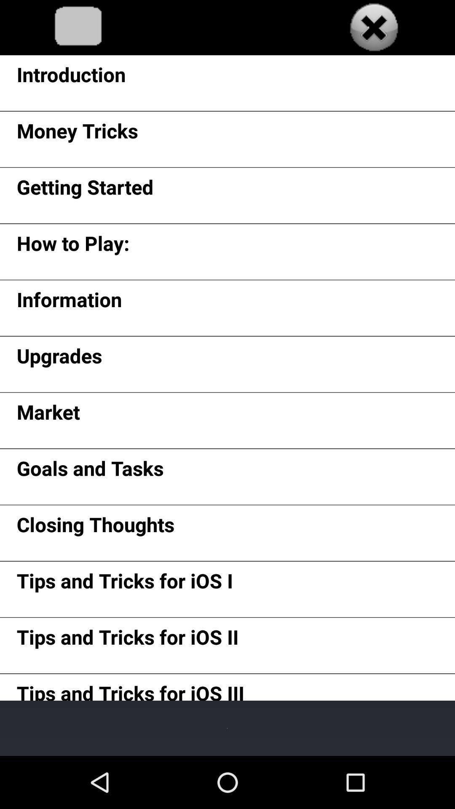  I want to click on upgrades icon, so click(59, 359).